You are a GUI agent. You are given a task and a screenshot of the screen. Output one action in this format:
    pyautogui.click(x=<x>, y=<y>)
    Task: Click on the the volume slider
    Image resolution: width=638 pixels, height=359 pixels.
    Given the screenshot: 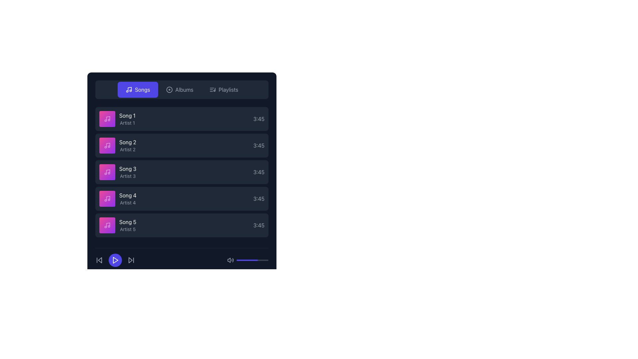 What is the action you would take?
    pyautogui.click(x=256, y=260)
    